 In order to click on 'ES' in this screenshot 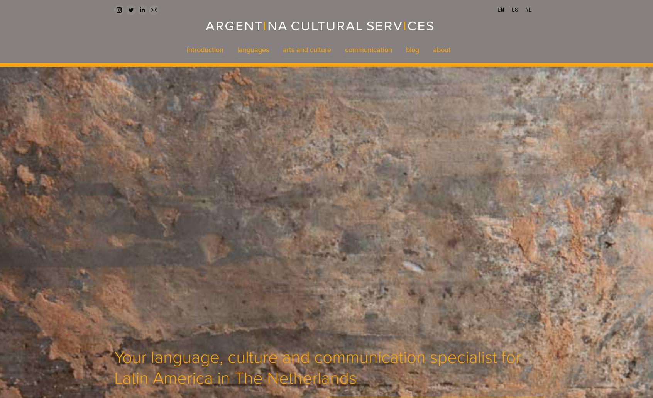, I will do `click(511, 9)`.